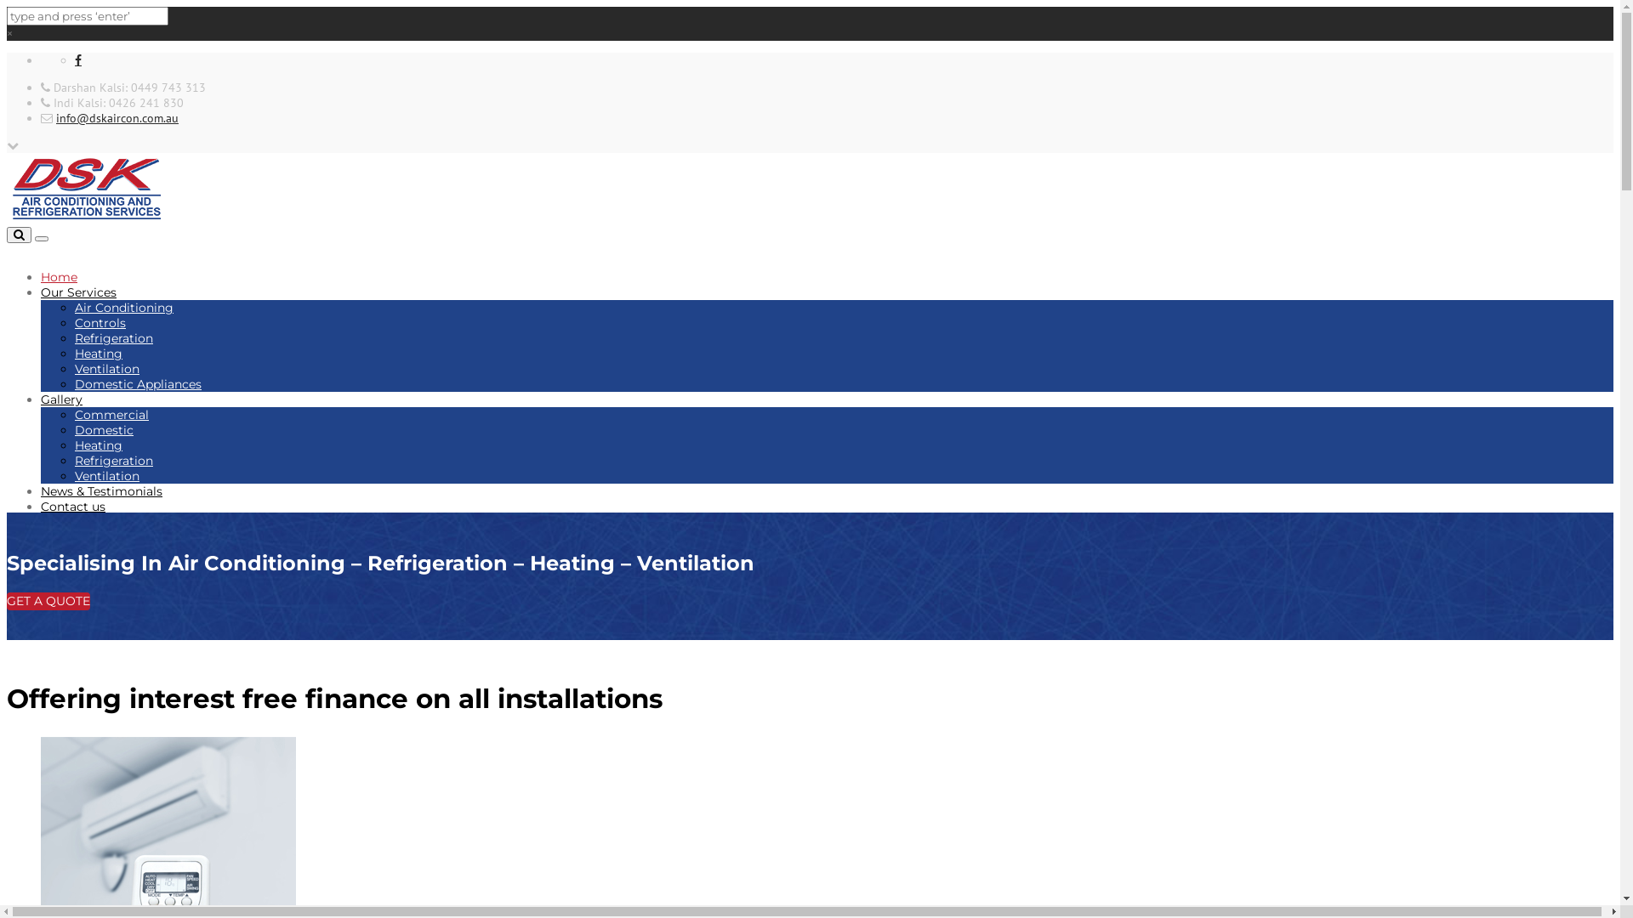 Image resolution: width=1633 pixels, height=918 pixels. I want to click on 'Refrigeration', so click(113, 337).